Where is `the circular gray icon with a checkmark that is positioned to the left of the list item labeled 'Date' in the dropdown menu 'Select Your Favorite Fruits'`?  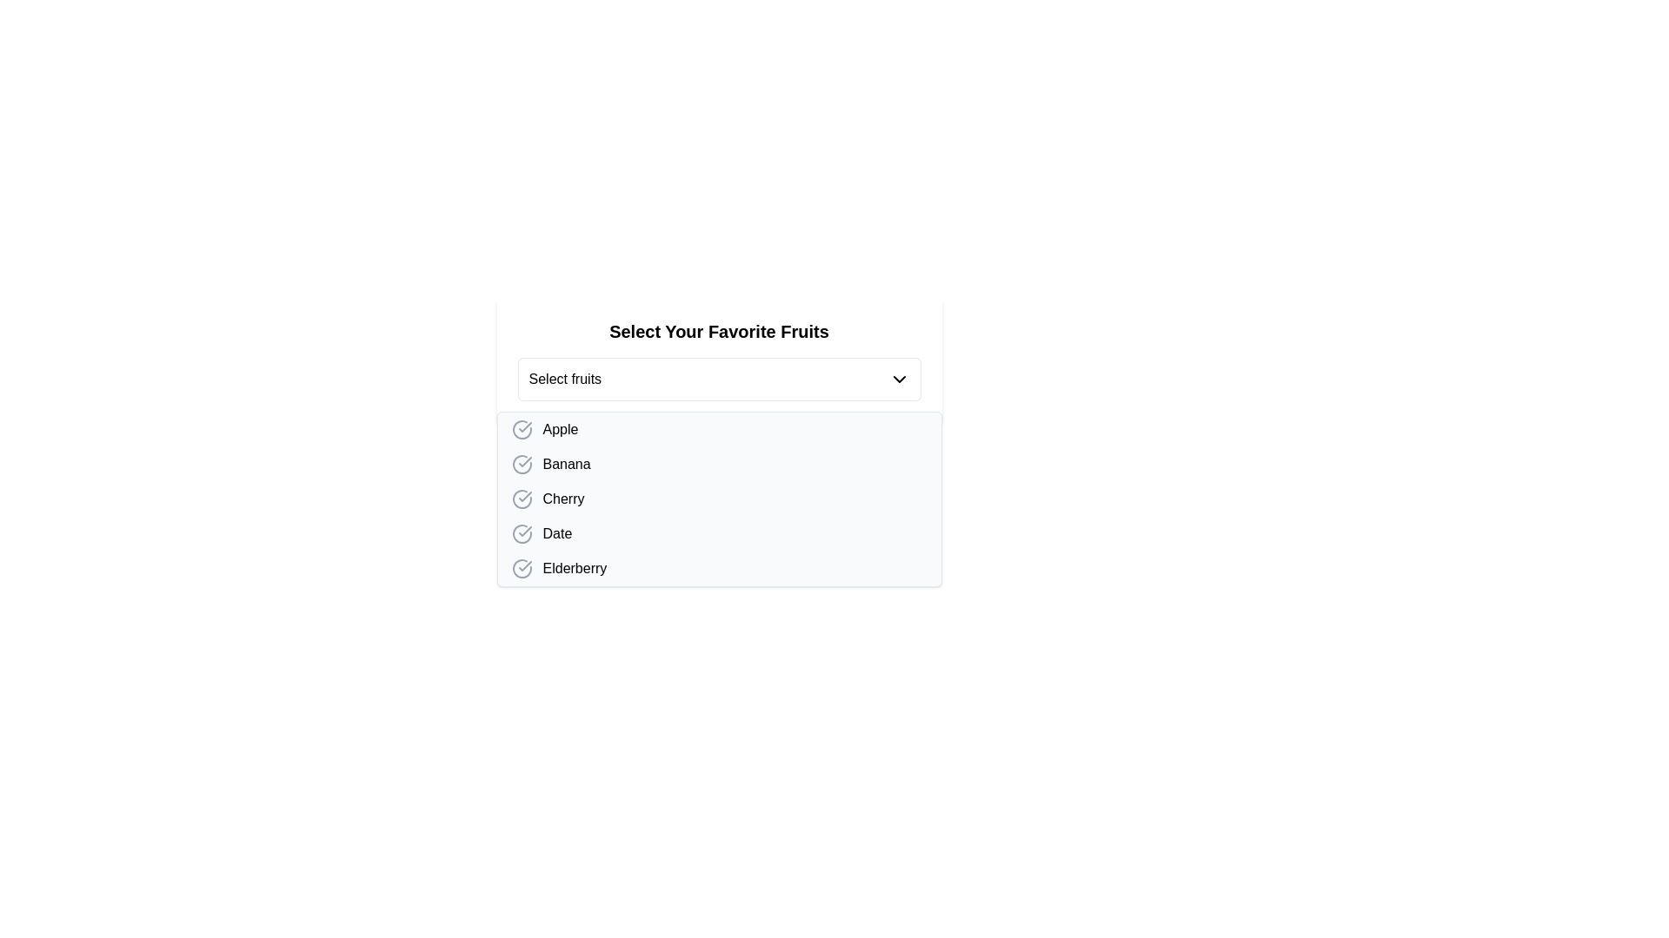 the circular gray icon with a checkmark that is positioned to the left of the list item labeled 'Date' in the dropdown menu 'Select Your Favorite Fruits' is located at coordinates (521, 532).